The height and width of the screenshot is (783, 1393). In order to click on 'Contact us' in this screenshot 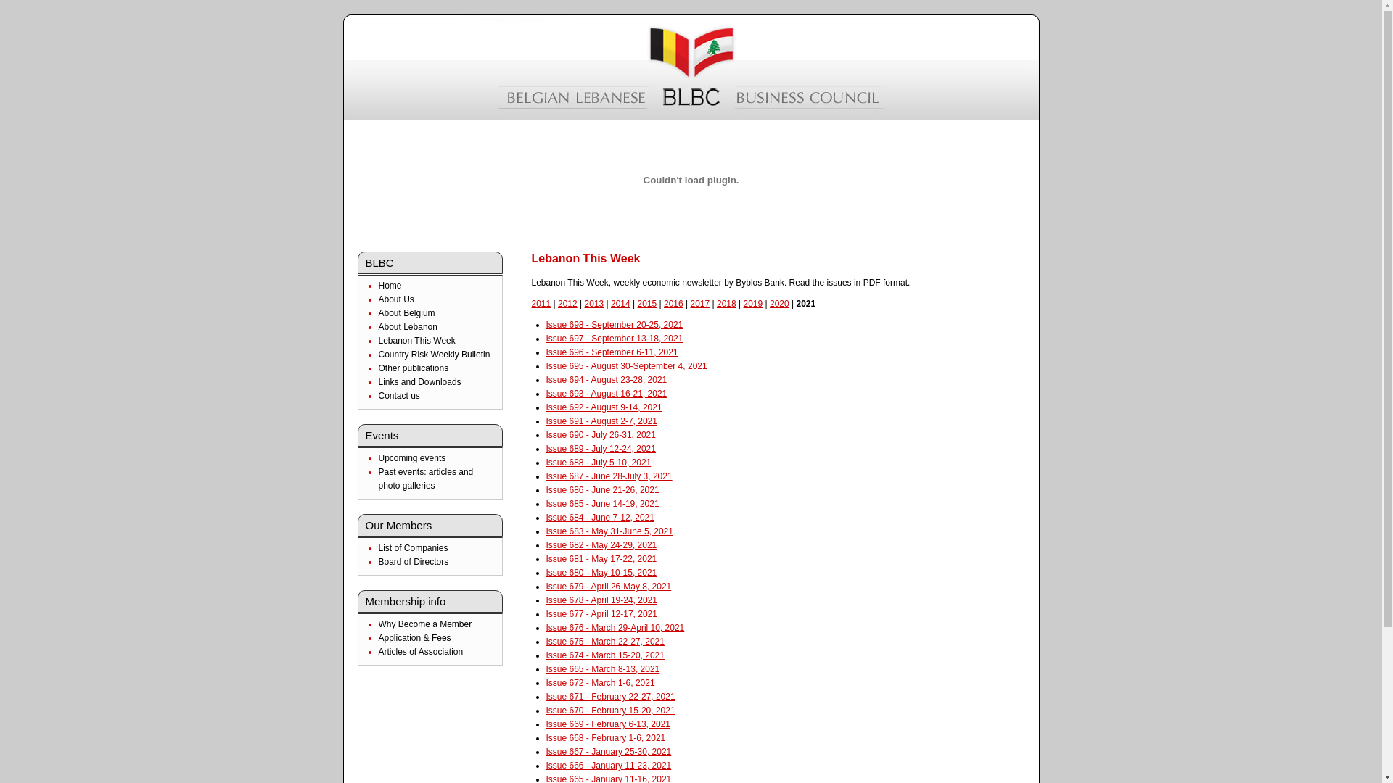, I will do `click(379, 396)`.